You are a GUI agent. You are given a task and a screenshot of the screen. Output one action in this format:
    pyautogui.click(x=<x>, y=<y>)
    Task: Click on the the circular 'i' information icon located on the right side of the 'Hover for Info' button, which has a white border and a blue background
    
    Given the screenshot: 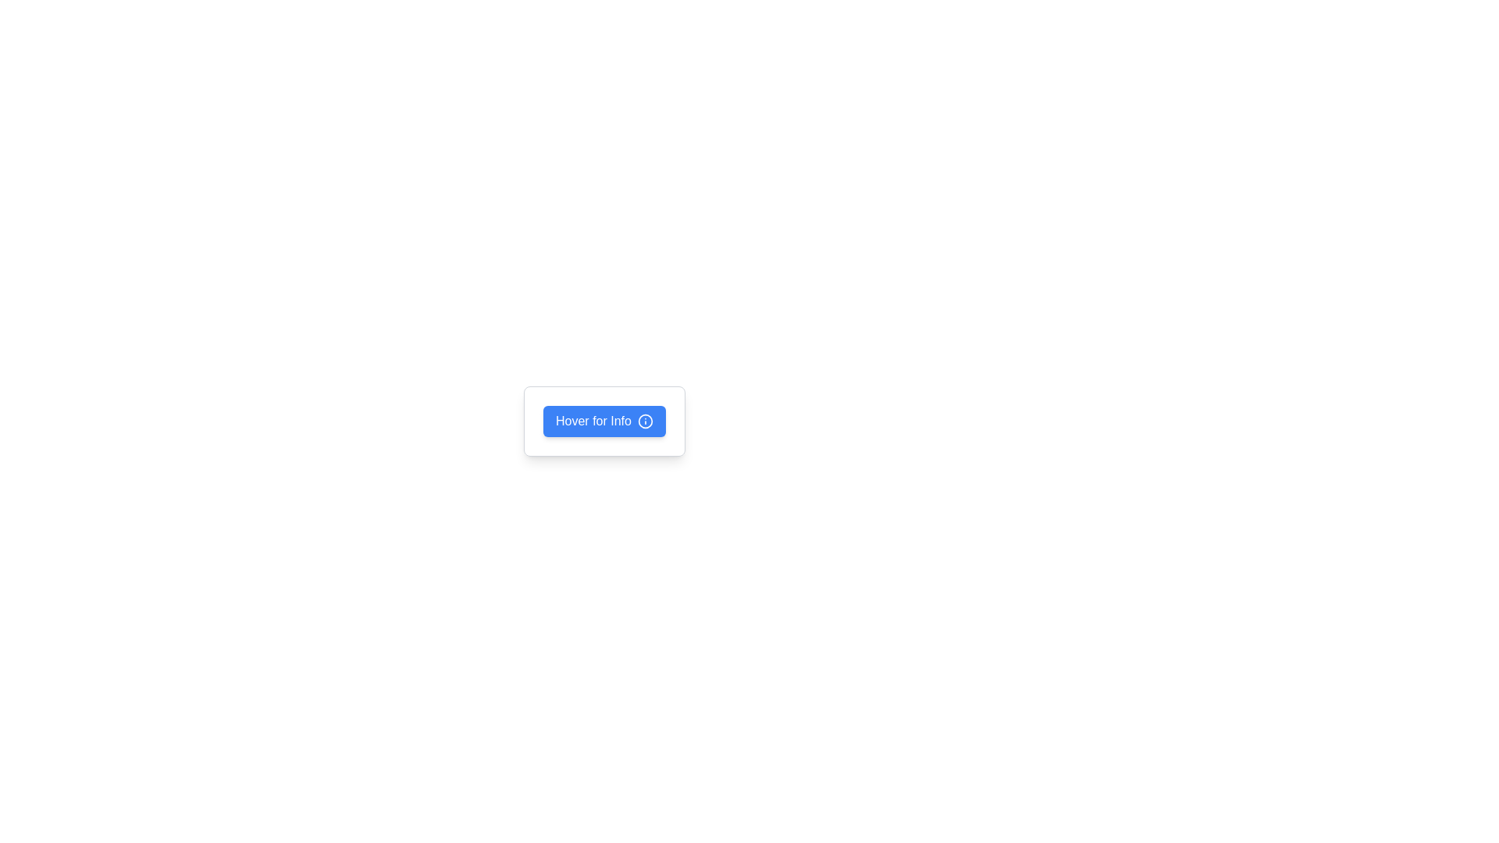 What is the action you would take?
    pyautogui.click(x=645, y=421)
    